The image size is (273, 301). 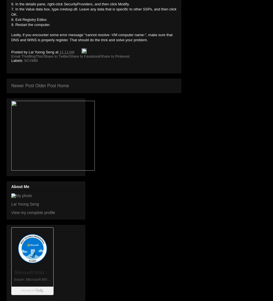 I want to click on 'Posted by', so click(x=19, y=52).